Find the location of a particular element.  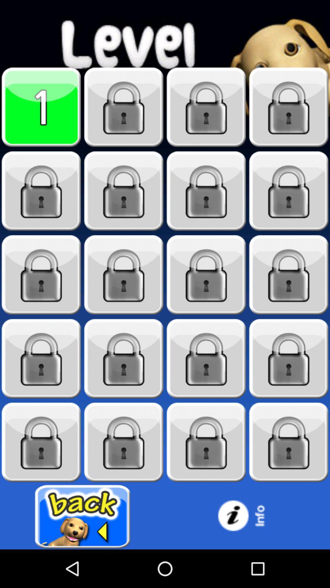

locked level is located at coordinates (41, 191).